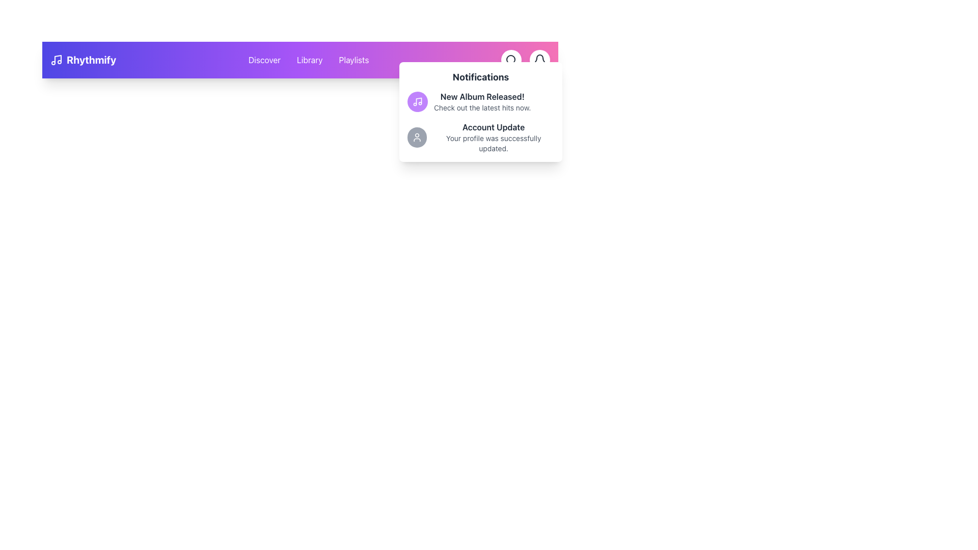 This screenshot has height=550, width=978. Describe the element at coordinates (418, 102) in the screenshot. I see `the music icon with a purple circular background and white music note located in the top-right corner of the notification dropdown, next to the 'New Album Released!' label` at that location.